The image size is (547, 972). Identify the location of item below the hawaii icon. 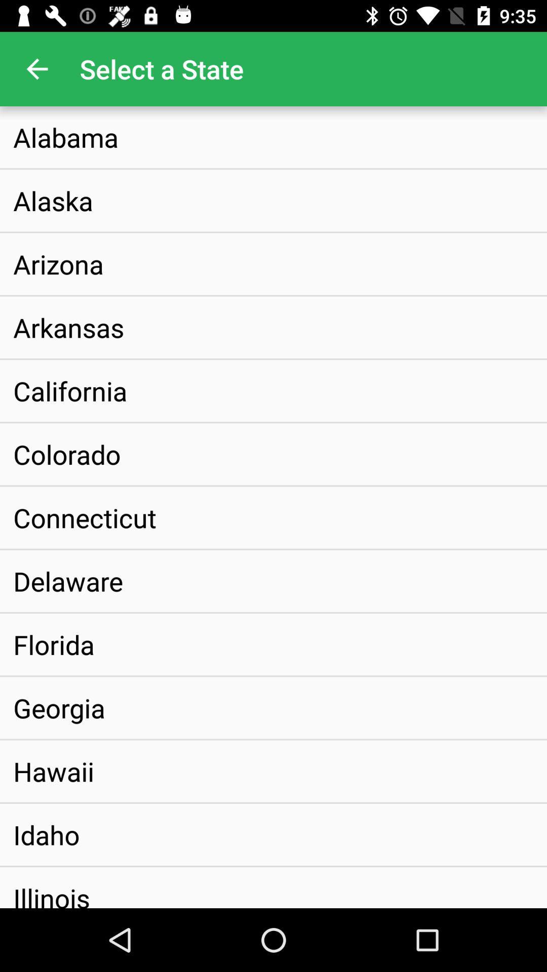
(46, 834).